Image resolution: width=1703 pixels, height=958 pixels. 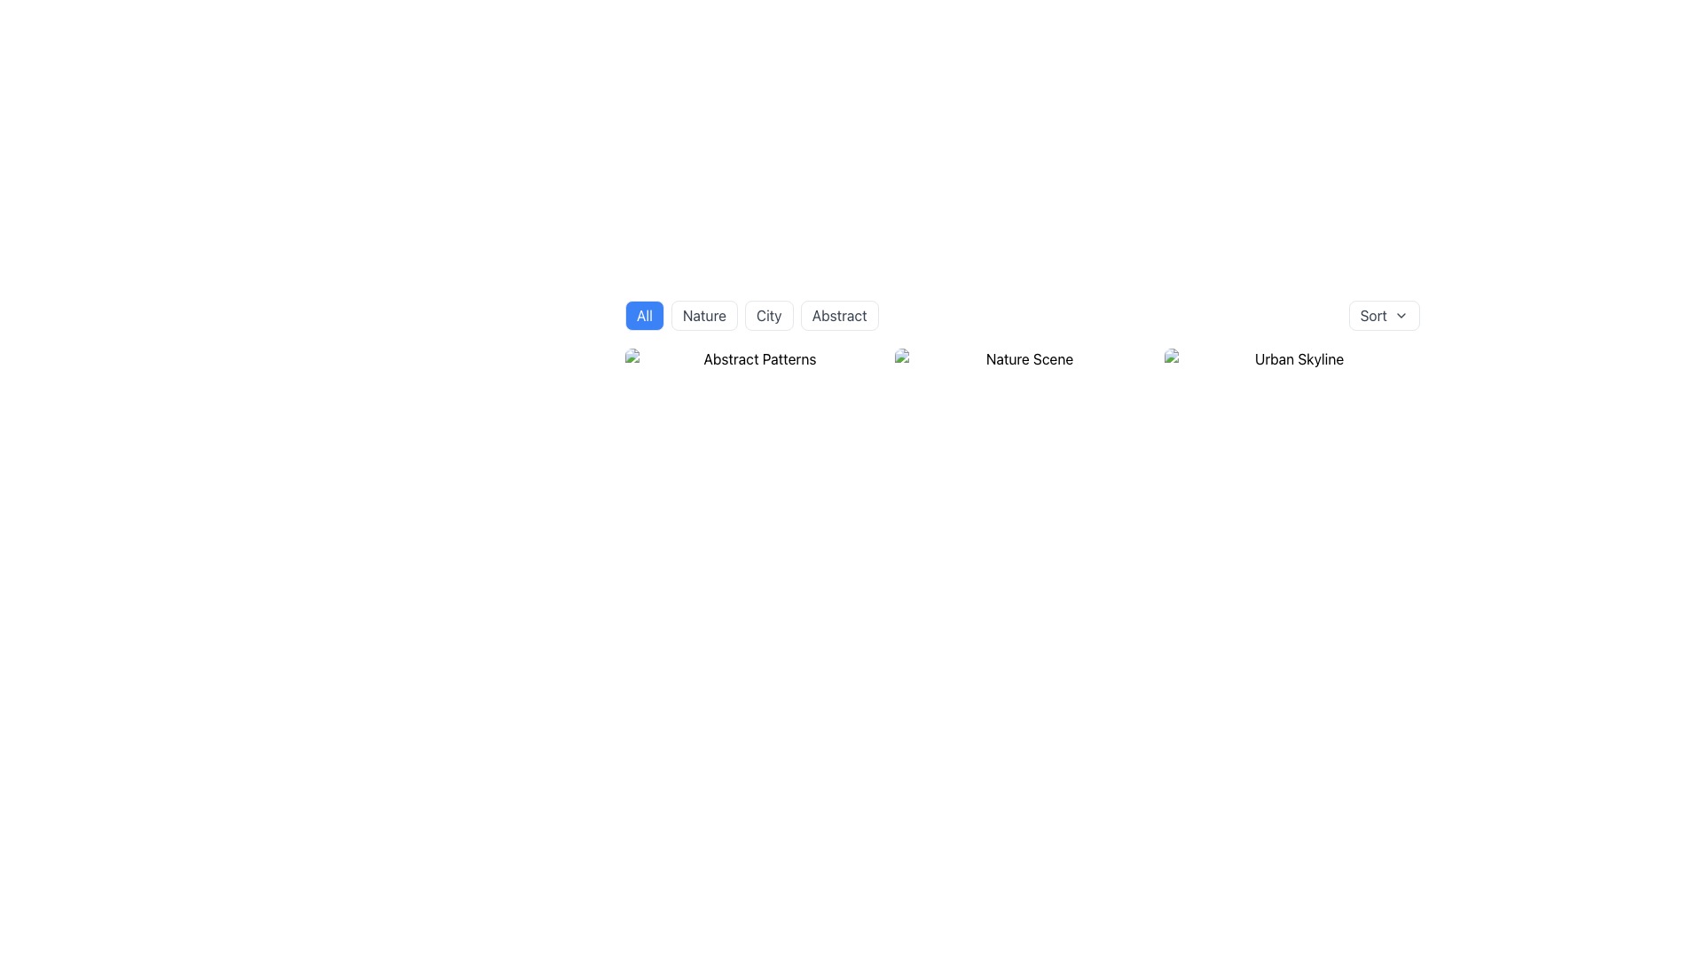 What do you see at coordinates (1022, 314) in the screenshot?
I see `the 'Sort' button located on the navigation bar` at bounding box center [1022, 314].